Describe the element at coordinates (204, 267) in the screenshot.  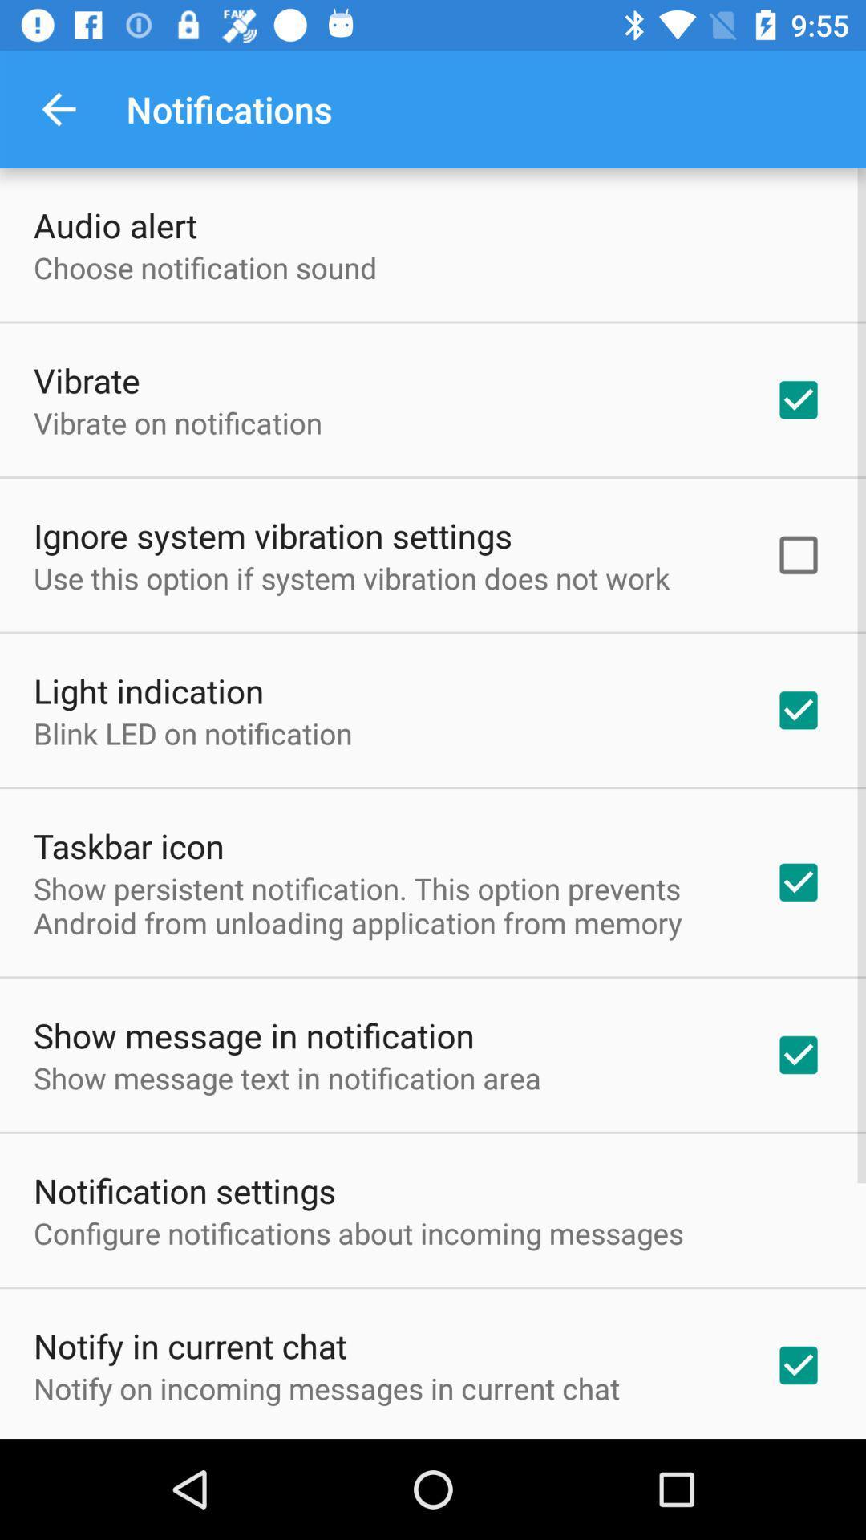
I see `choose notification sound` at that location.